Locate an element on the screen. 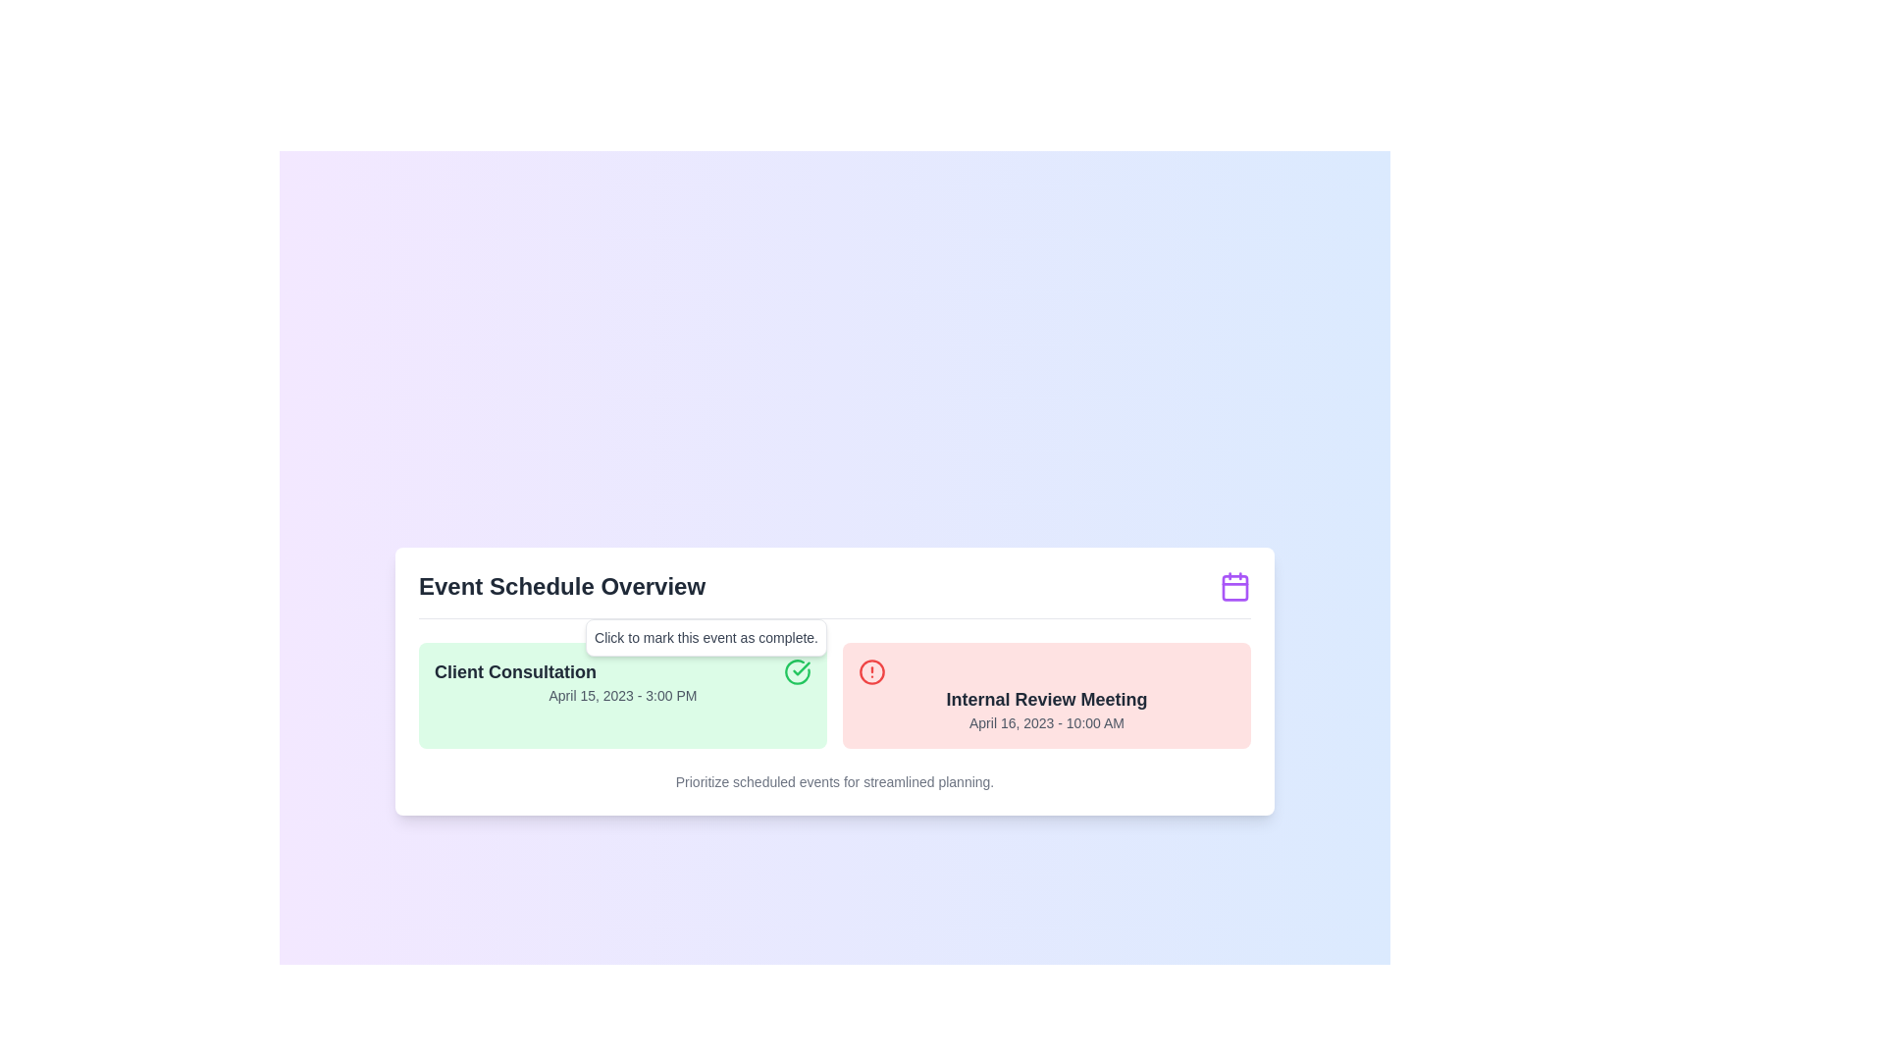 The image size is (1884, 1060). the bold text label displaying 'Client Consultation' which is styled in a large font size and located in the upper-left quadrant of the light green section under 'Event Schedule Overview' is located at coordinates (515, 670).